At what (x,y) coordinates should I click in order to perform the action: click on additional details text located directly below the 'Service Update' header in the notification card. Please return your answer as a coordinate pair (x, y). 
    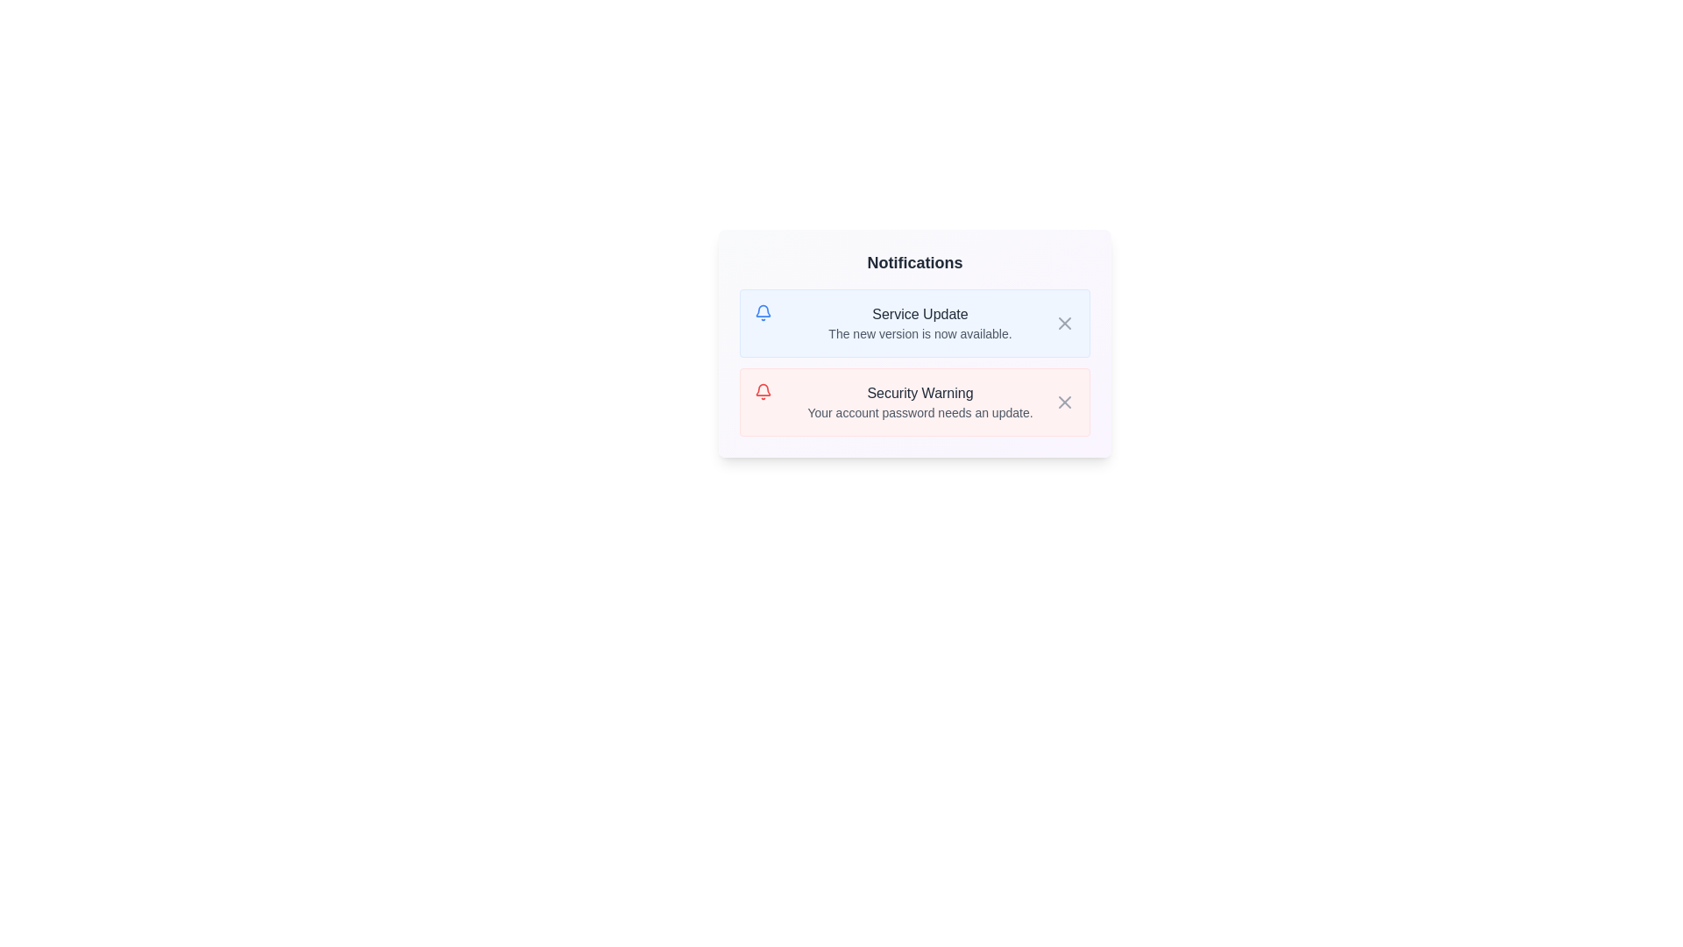
    Looking at the image, I should click on (920, 334).